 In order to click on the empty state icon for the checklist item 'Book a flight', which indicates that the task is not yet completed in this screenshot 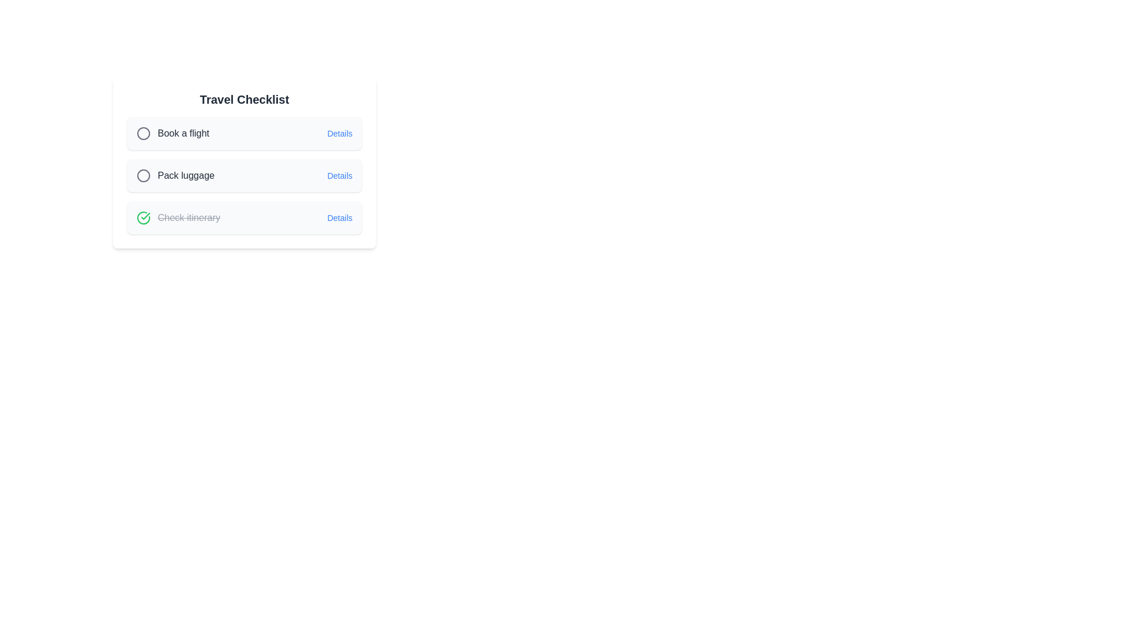, I will do `click(143, 132)`.